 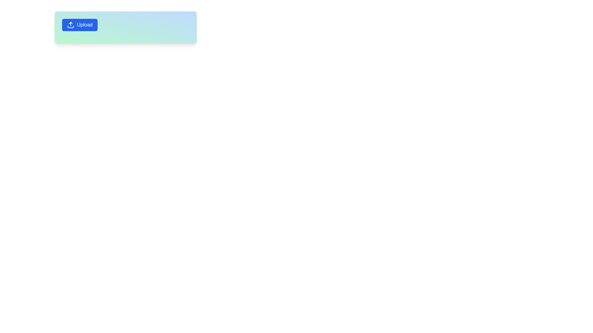 I want to click on the base of the upload tray icon, which is a rectangular shape located in the lower section of the icon, situated to the left of the 'Upload' text in the top-left corner of the interface, so click(x=71, y=27).